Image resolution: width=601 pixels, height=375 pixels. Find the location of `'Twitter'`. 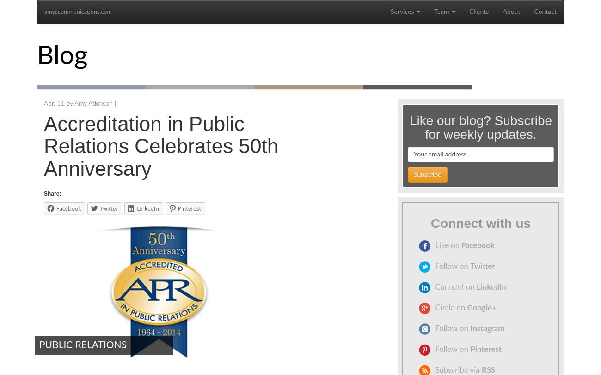

'Twitter' is located at coordinates (469, 266).